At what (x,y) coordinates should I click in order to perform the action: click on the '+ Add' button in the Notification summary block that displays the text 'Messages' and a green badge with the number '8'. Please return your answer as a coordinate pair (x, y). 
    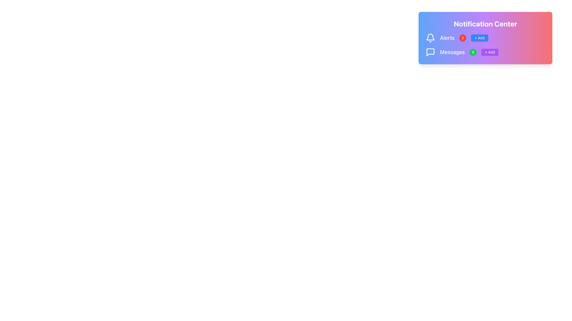
    Looking at the image, I should click on (485, 52).